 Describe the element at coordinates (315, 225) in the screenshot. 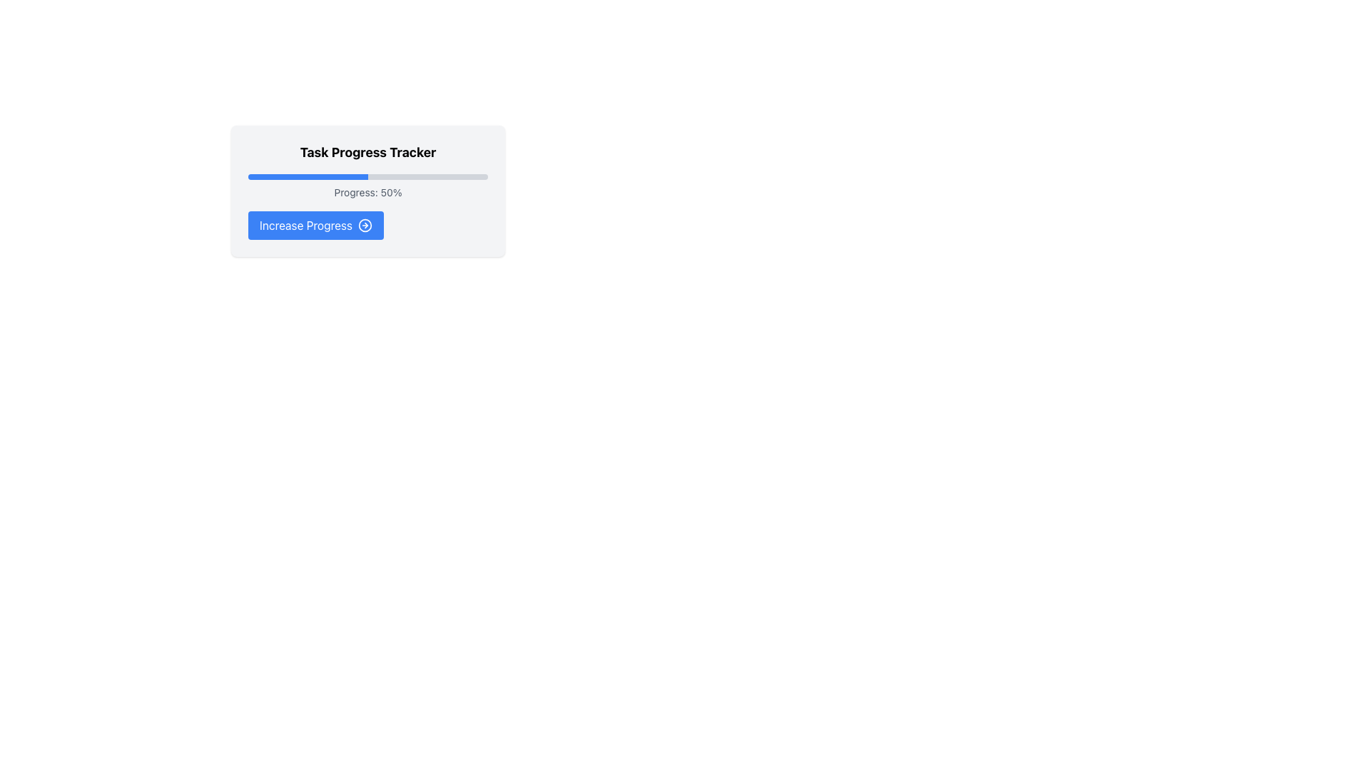

I see `the button located at the bottom of the 'Task Progress Tracker' component` at that location.